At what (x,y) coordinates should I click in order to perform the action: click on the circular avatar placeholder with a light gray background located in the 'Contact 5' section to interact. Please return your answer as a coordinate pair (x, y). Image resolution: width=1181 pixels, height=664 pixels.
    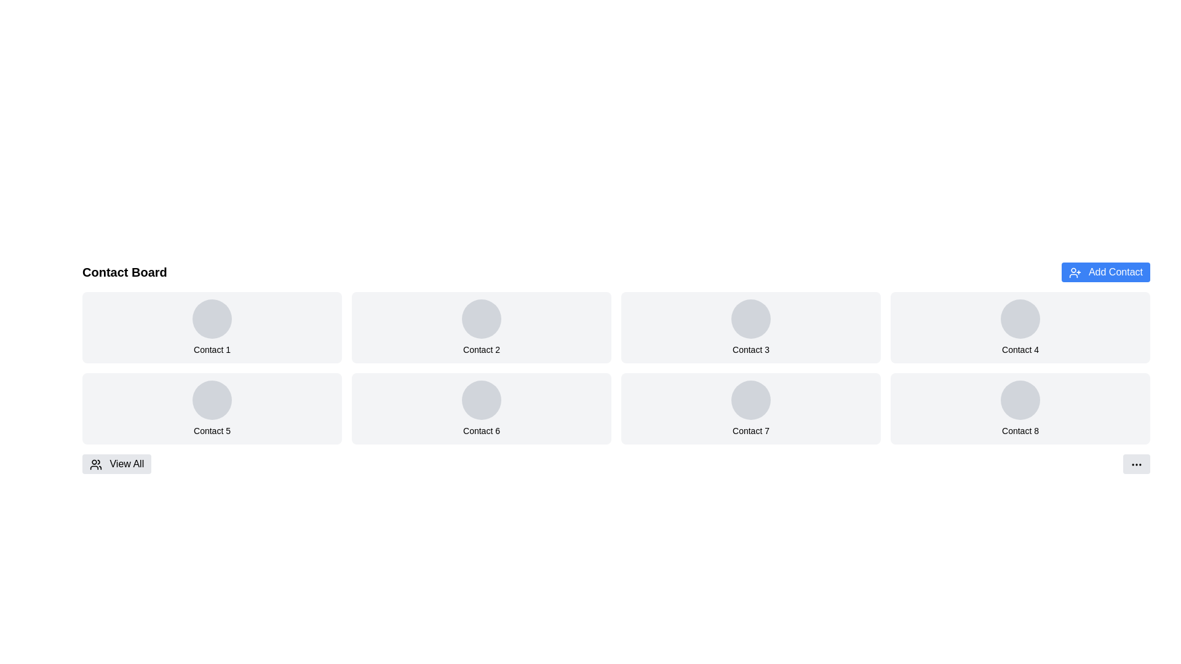
    Looking at the image, I should click on (212, 400).